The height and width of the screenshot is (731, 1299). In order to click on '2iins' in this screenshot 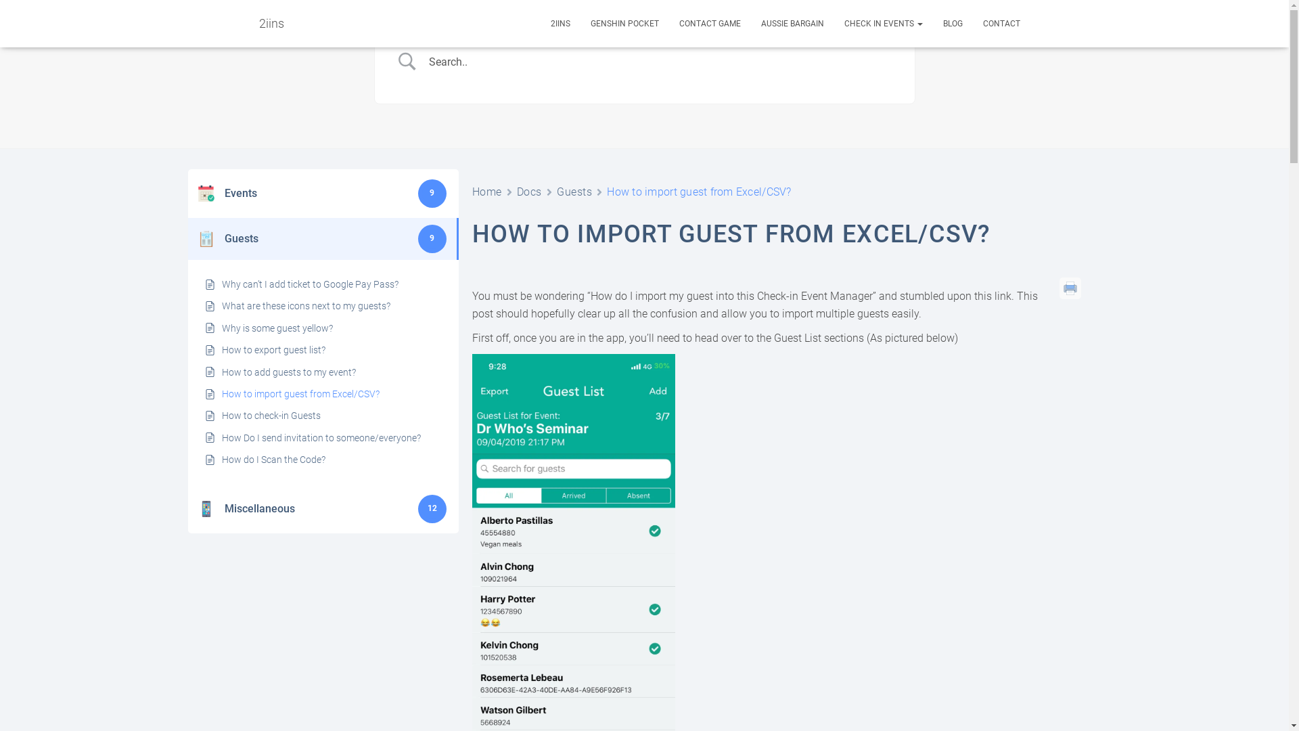, I will do `click(271, 23)`.